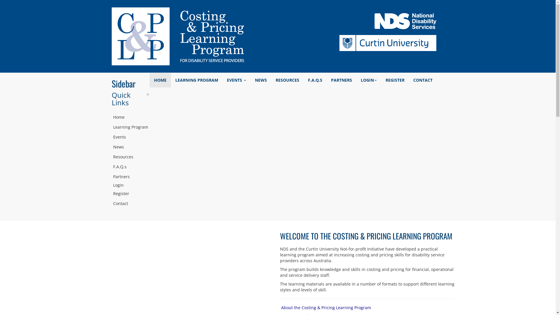 Image resolution: width=560 pixels, height=315 pixels. Describe the element at coordinates (130, 167) in the screenshot. I see `'F.A.Q.s'` at that location.